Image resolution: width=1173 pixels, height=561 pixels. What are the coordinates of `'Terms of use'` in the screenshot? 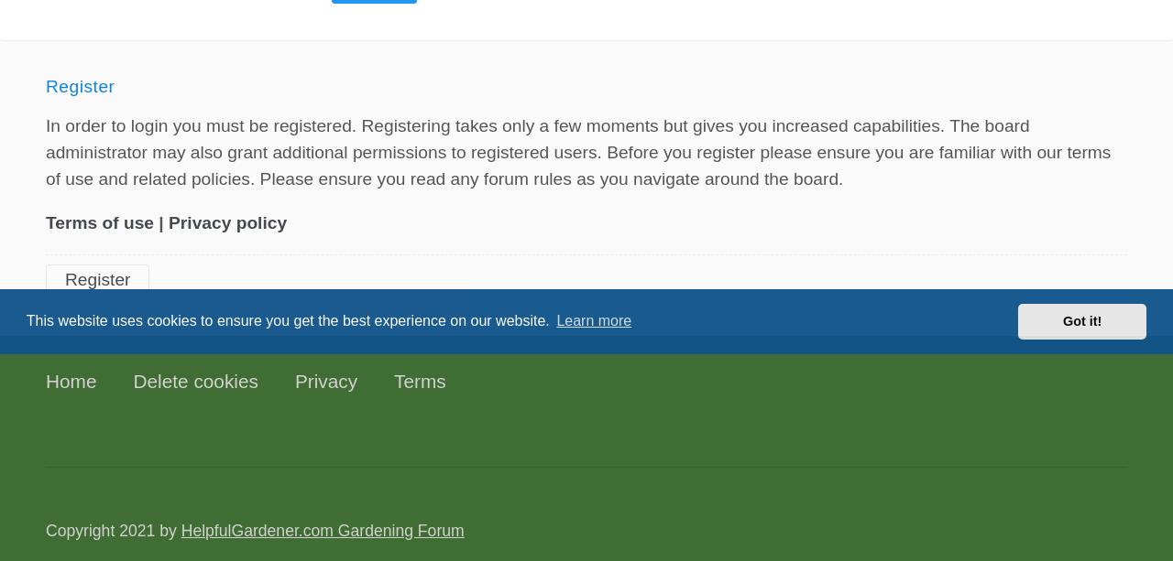 It's located at (46, 221).